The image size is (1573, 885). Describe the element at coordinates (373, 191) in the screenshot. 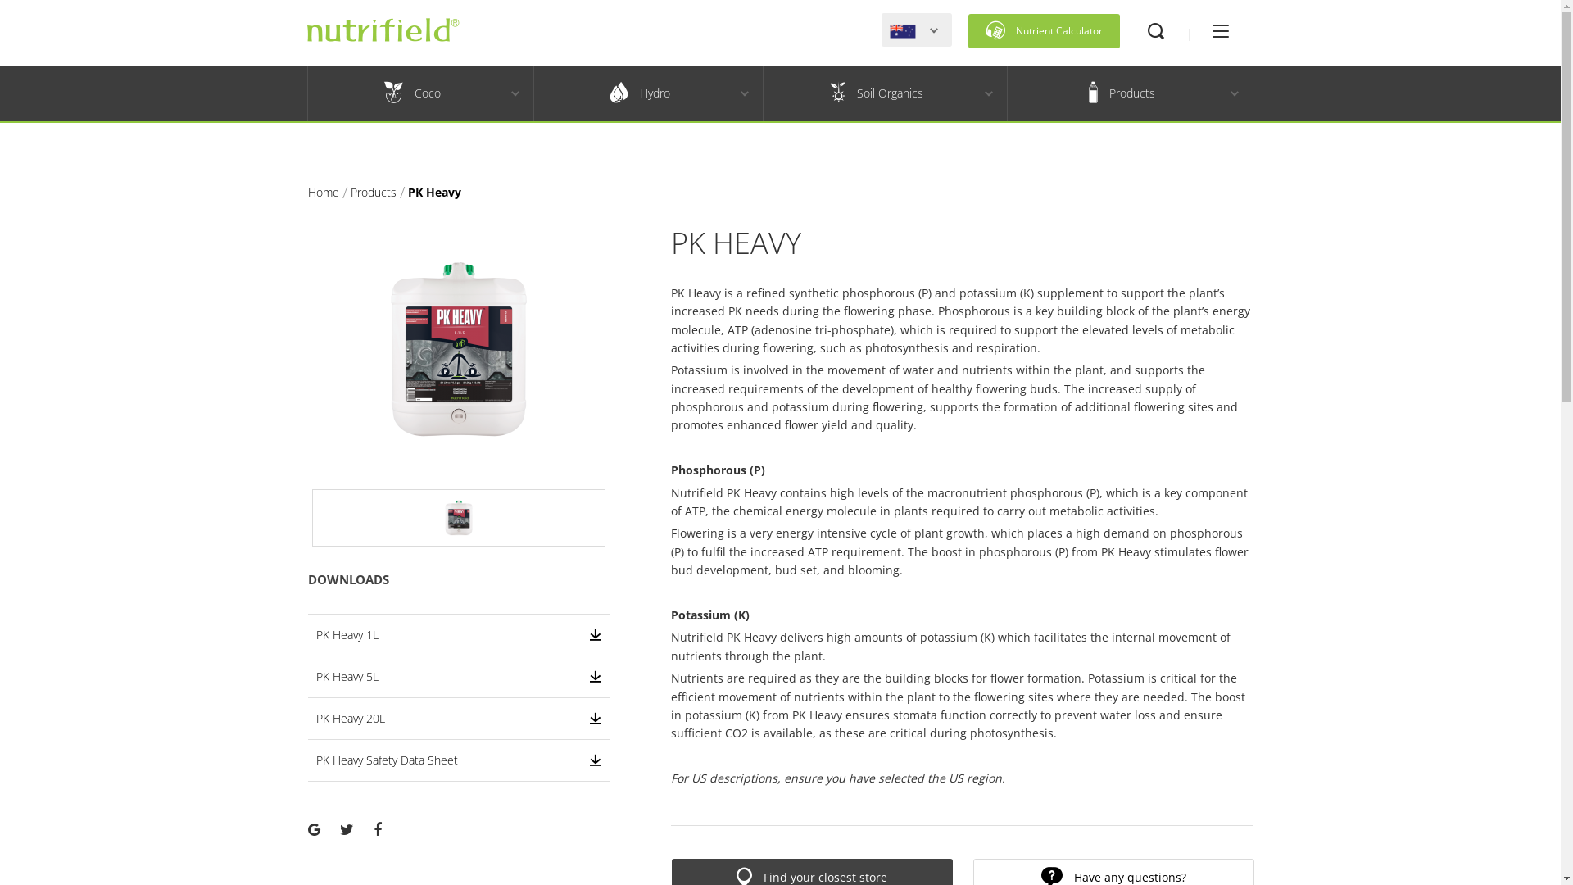

I see `'Products'` at that location.